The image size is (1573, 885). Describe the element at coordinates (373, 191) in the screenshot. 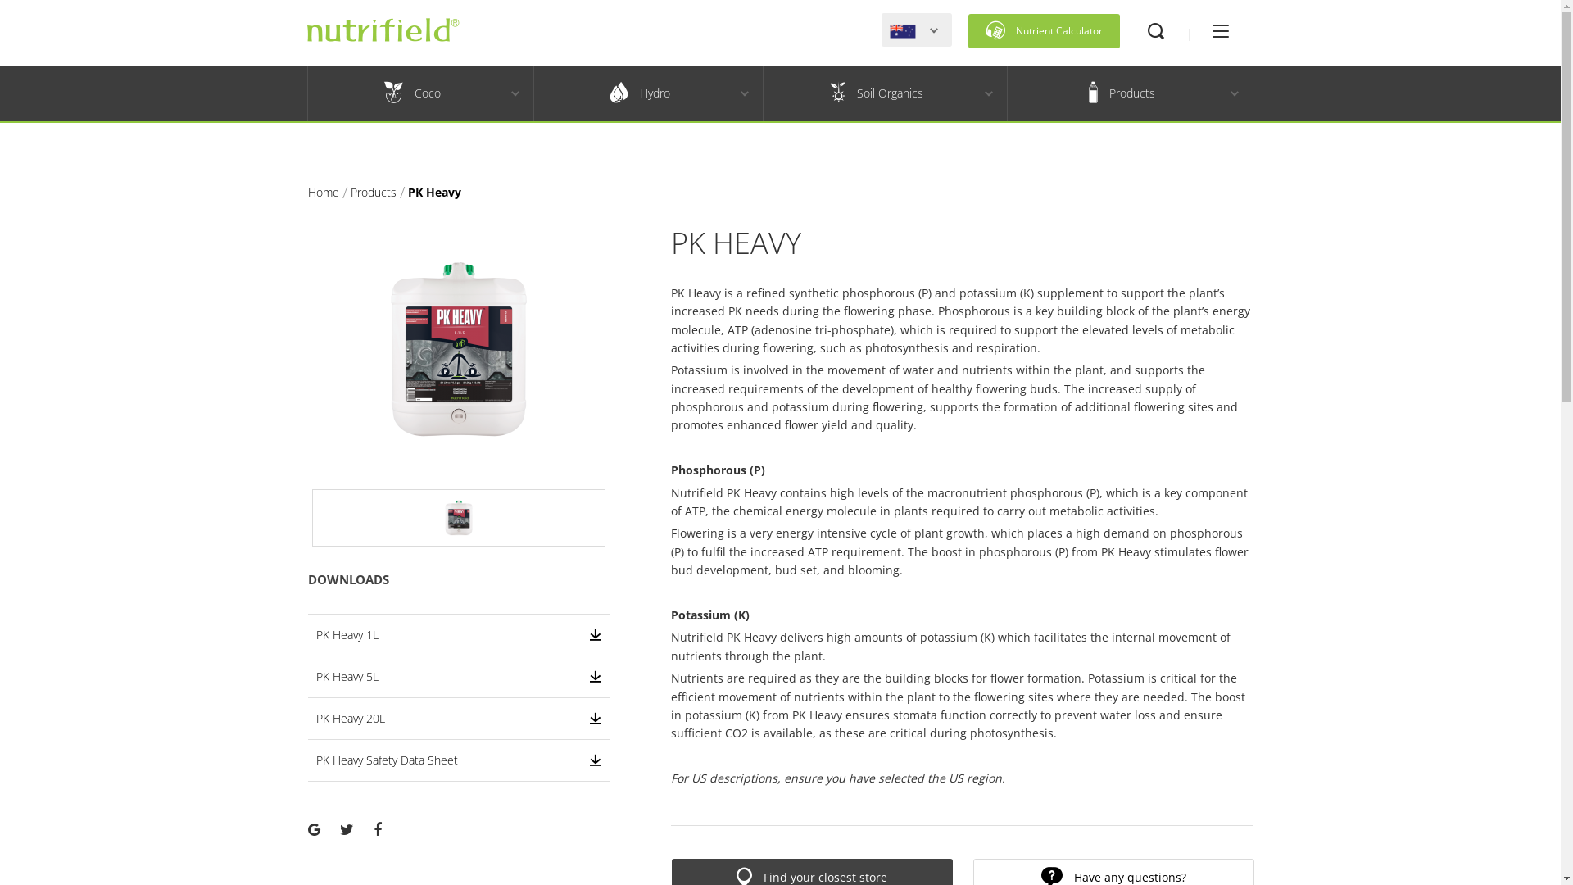

I see `'Products'` at that location.